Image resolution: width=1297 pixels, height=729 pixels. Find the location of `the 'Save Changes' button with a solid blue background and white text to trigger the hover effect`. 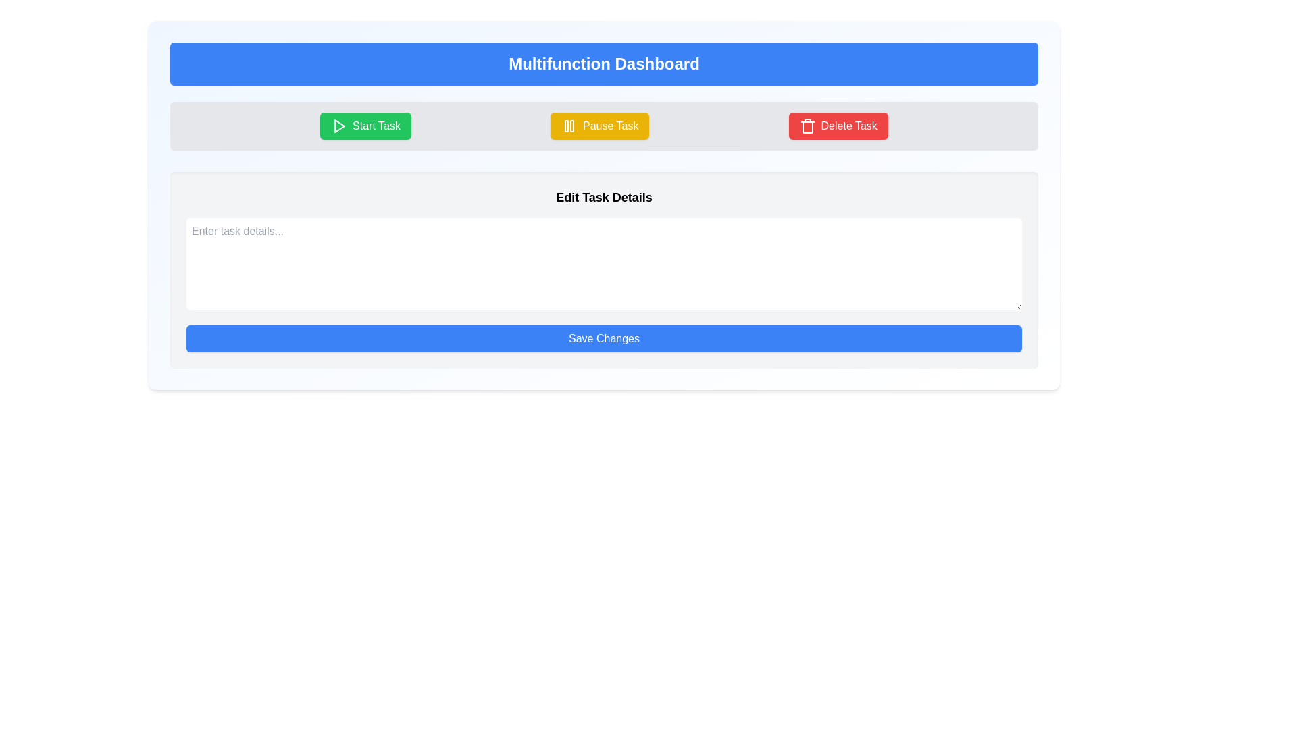

the 'Save Changes' button with a solid blue background and white text to trigger the hover effect is located at coordinates (603, 337).